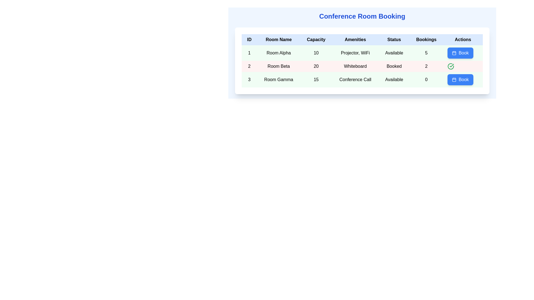  I want to click on the numeral '3' which represents the unique identifier for 'Room Gamma' in the ID column of the table, so click(249, 79).